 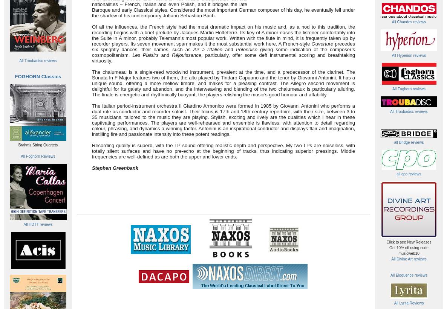 What do you see at coordinates (223, 119) in the screenshot?
I see `'The Italian period-instrument orchestra Il Giardino Armonico were formed in 1985 by Giovanni Antonini who performs a dual role as conductor and recorder soloist. Their focus is 17th and 18th century repertoire, with their size, between 3 to 35 musicians, tailored to the music they are playing. Stylish, exciting and lively are the qualities which I hear in these captivating performances. The players are well-rehearsed and ensemble is flawless, with attention to detail regarding colour, phrasing, and dynamics a winning factor. Antonini is an inspirational conductor and displays flair and imagination, instilling fire and passionate intensity into these potent readings.'` at bounding box center [223, 119].